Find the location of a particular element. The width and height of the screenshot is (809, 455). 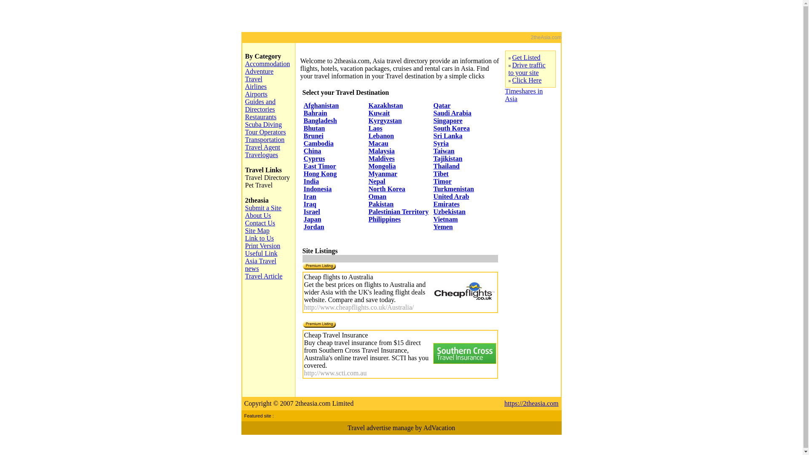

'Click Here' is located at coordinates (527, 80).